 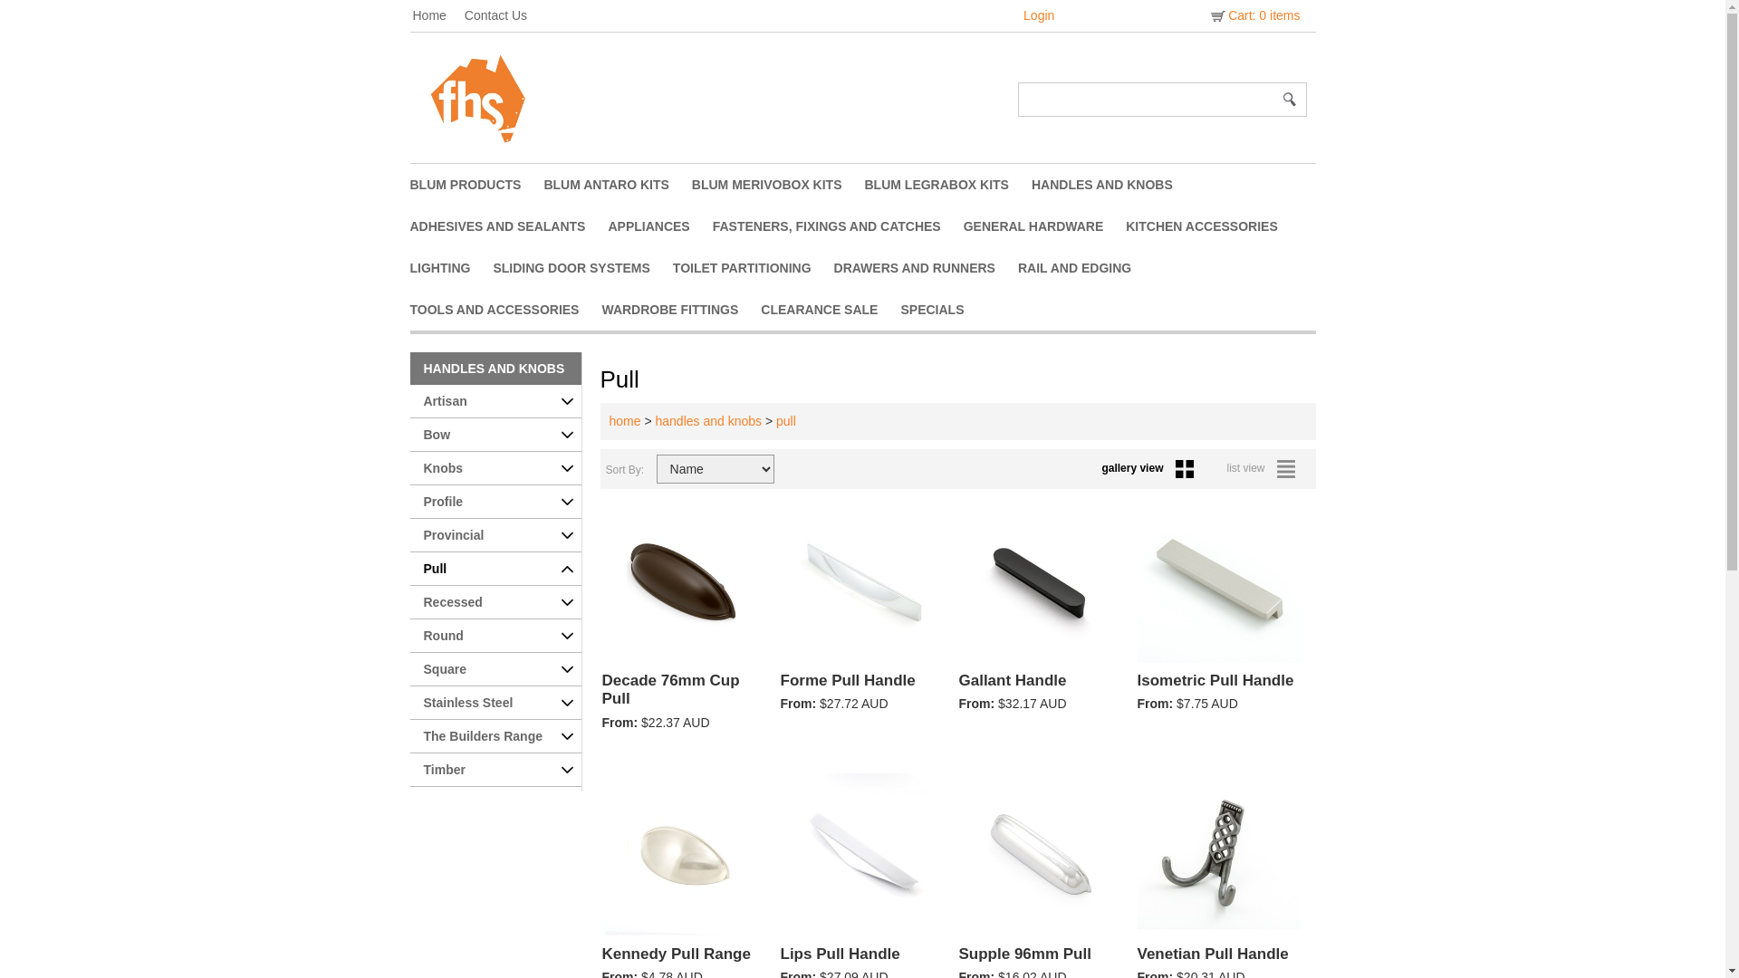 What do you see at coordinates (408, 467) in the screenshot?
I see `'Knobs'` at bounding box center [408, 467].